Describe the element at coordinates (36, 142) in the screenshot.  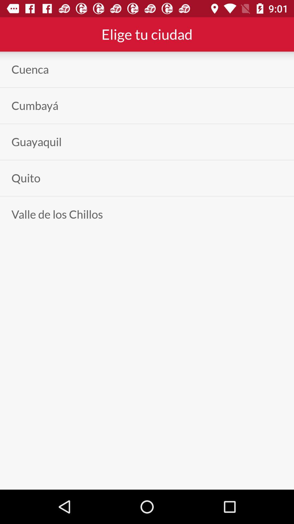
I see `the guayaquil app` at that location.